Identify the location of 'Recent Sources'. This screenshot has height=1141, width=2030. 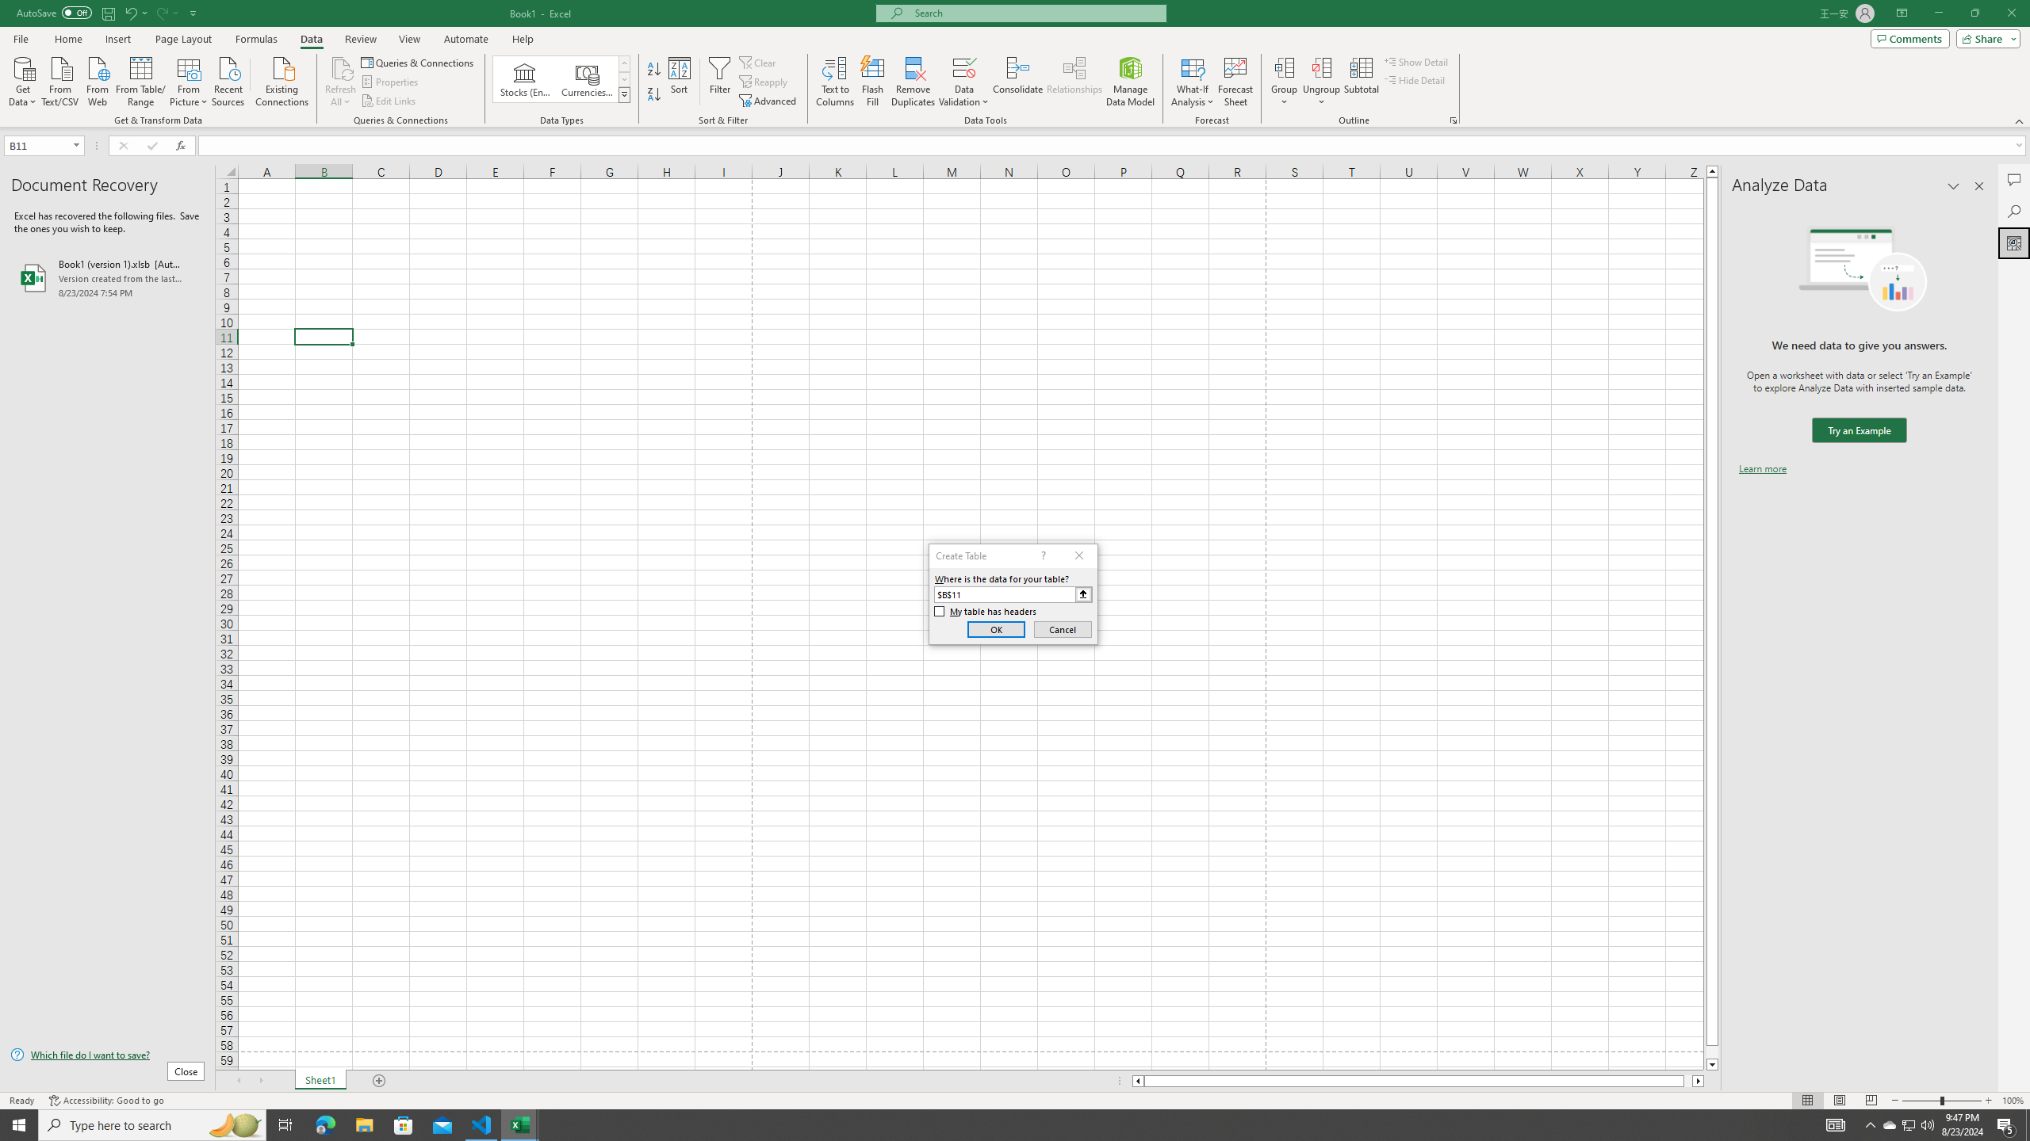
(228, 79).